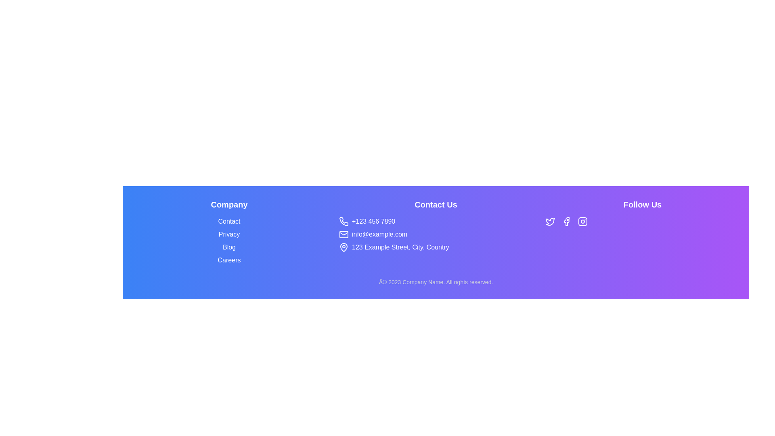 The width and height of the screenshot is (775, 436). I want to click on the Hyperlink text that serves as an interactive navigation link to the Privacy page, located in the leftmost column under the 'Company' heading, so click(228, 232).